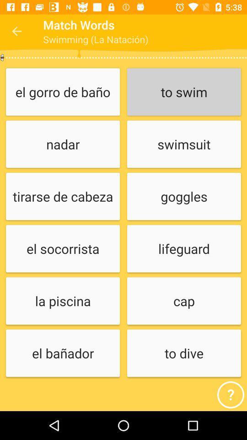 Image resolution: width=247 pixels, height=440 pixels. What do you see at coordinates (184, 301) in the screenshot?
I see `icon below the lifeguard icon` at bounding box center [184, 301].